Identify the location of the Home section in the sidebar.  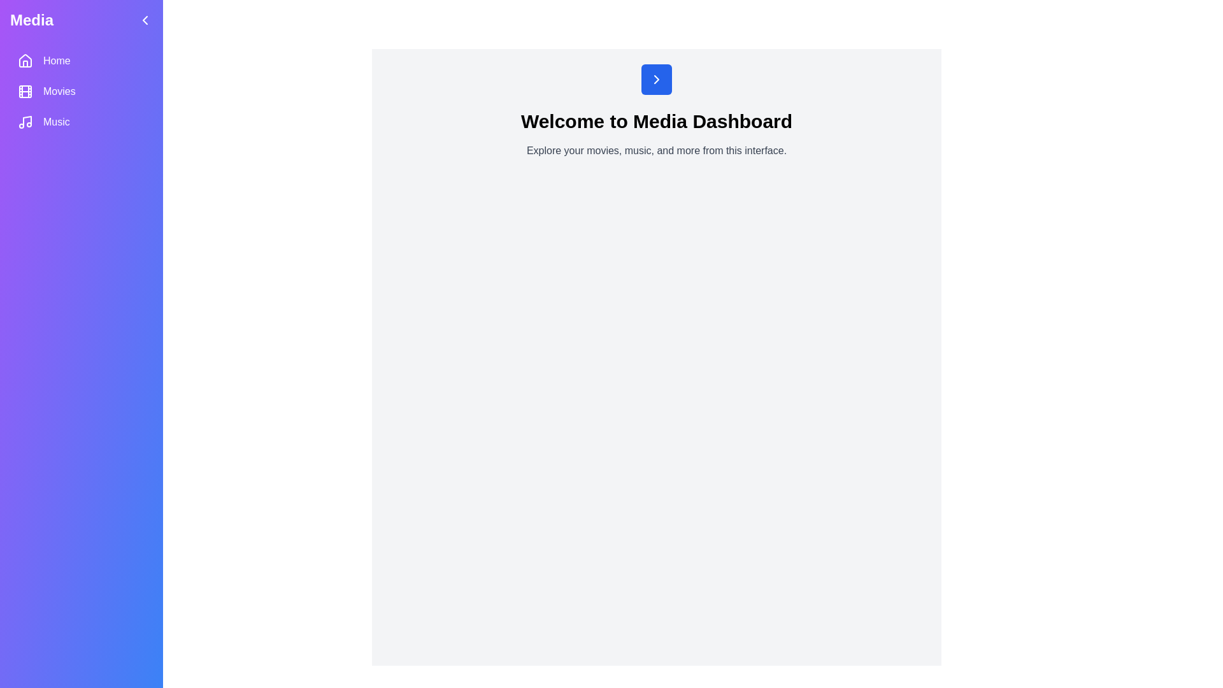
(81, 61).